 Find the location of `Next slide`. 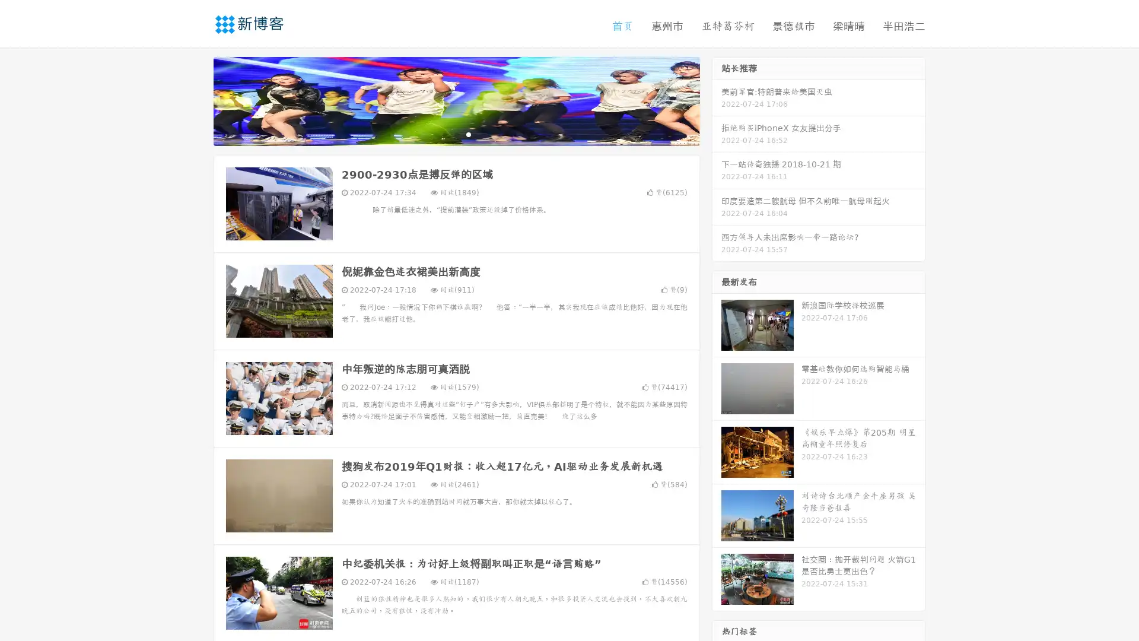

Next slide is located at coordinates (717, 100).